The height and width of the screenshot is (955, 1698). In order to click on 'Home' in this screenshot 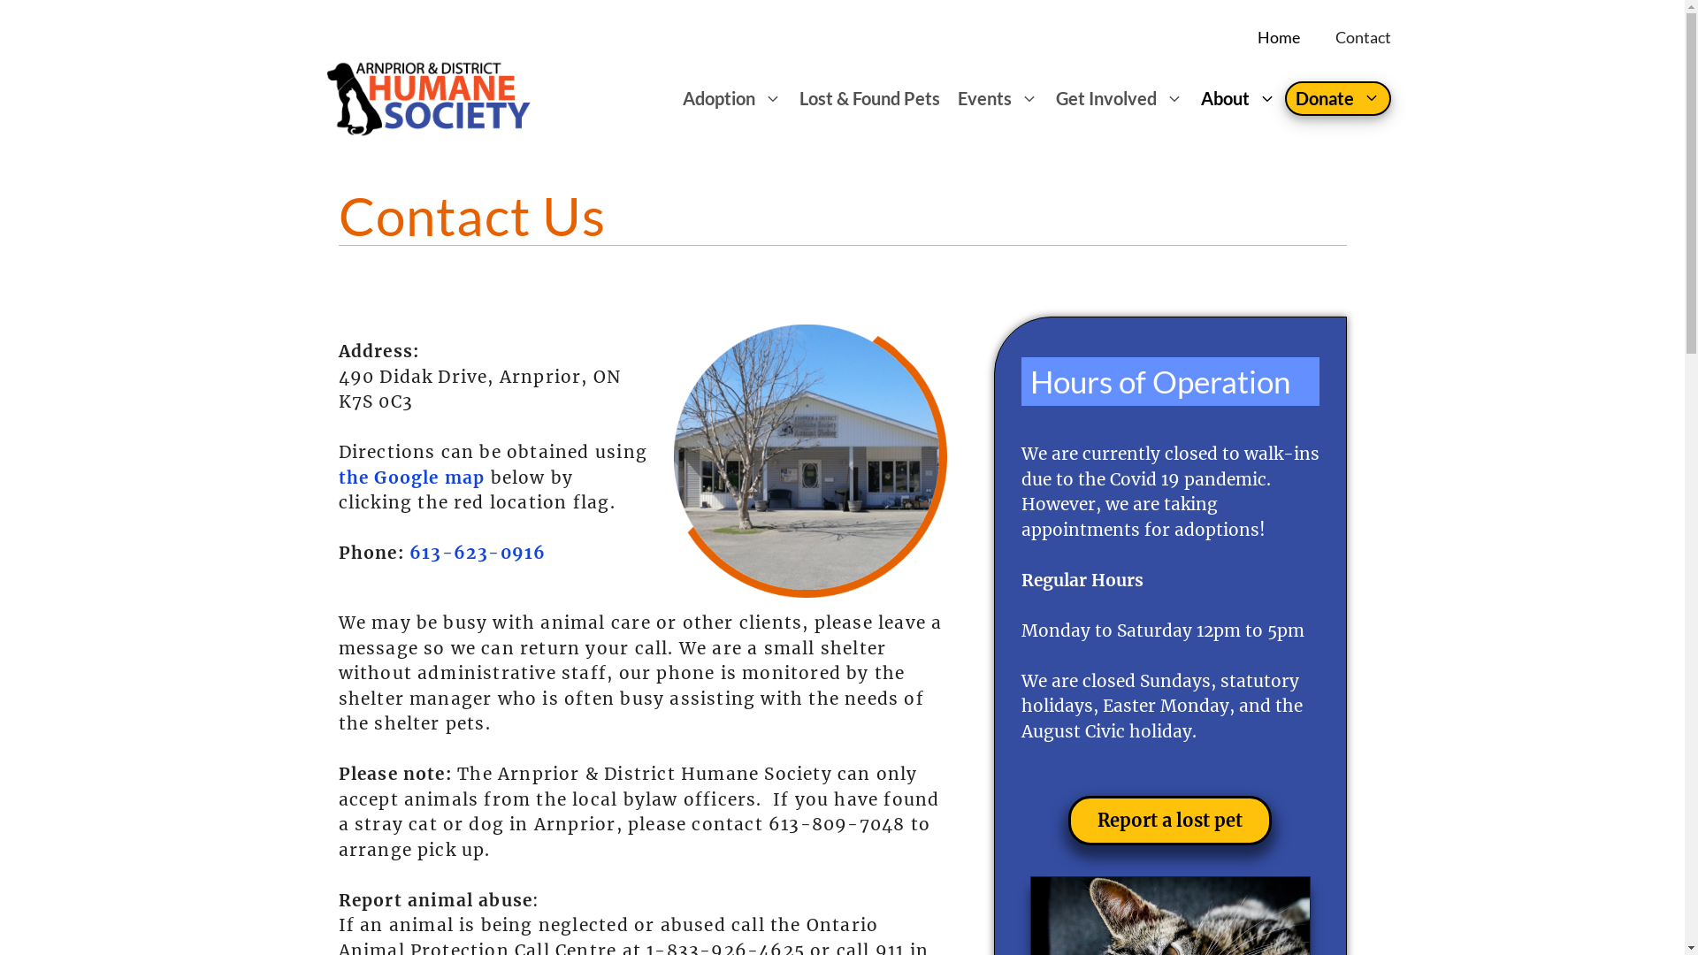, I will do `click(1278, 37)`.